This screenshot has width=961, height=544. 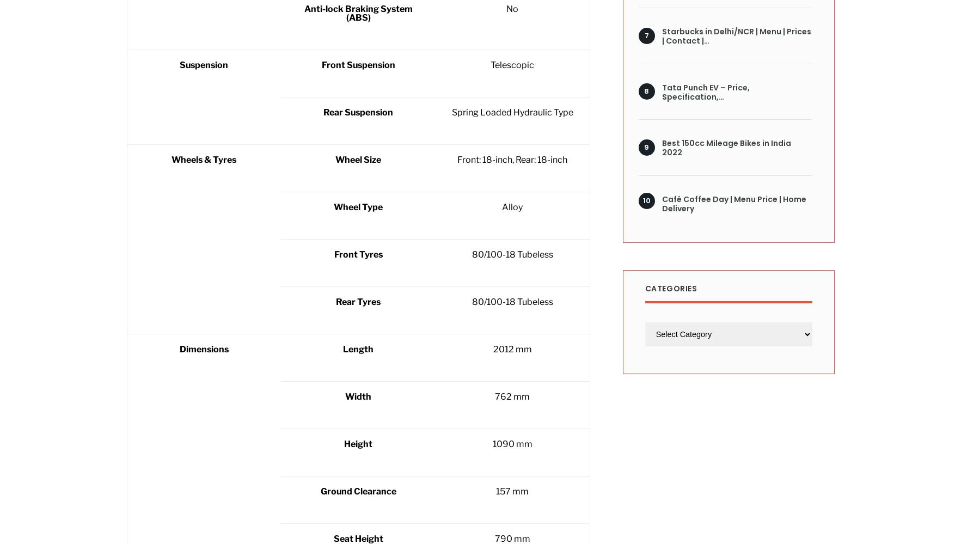 I want to click on 'Dimensions', so click(x=178, y=349).